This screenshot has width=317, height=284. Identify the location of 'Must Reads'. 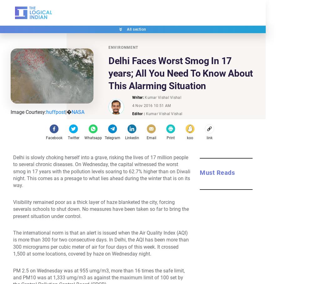
(217, 172).